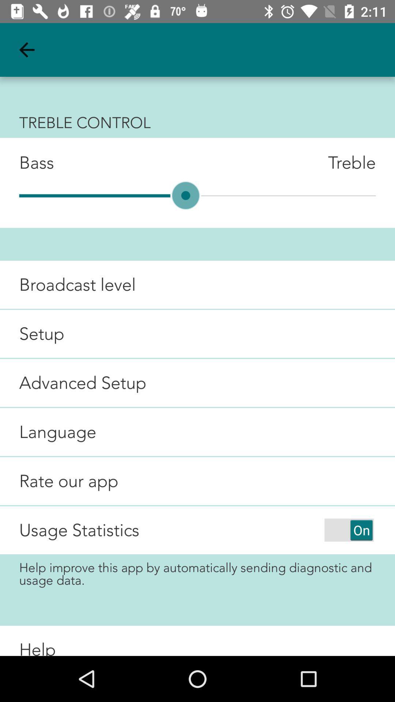 The width and height of the screenshot is (395, 702). What do you see at coordinates (26, 162) in the screenshot?
I see `bass icon` at bounding box center [26, 162].